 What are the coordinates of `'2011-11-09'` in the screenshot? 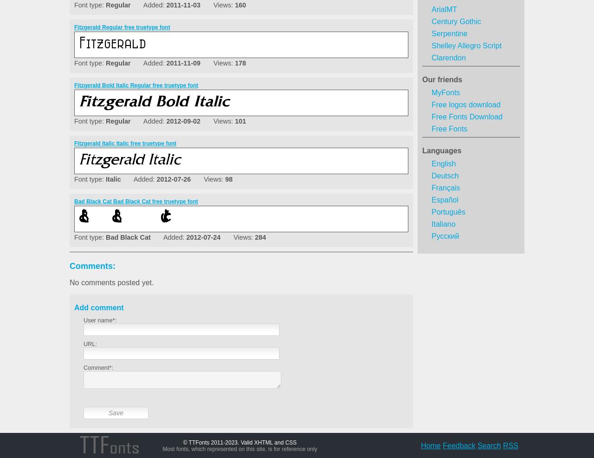 It's located at (183, 63).